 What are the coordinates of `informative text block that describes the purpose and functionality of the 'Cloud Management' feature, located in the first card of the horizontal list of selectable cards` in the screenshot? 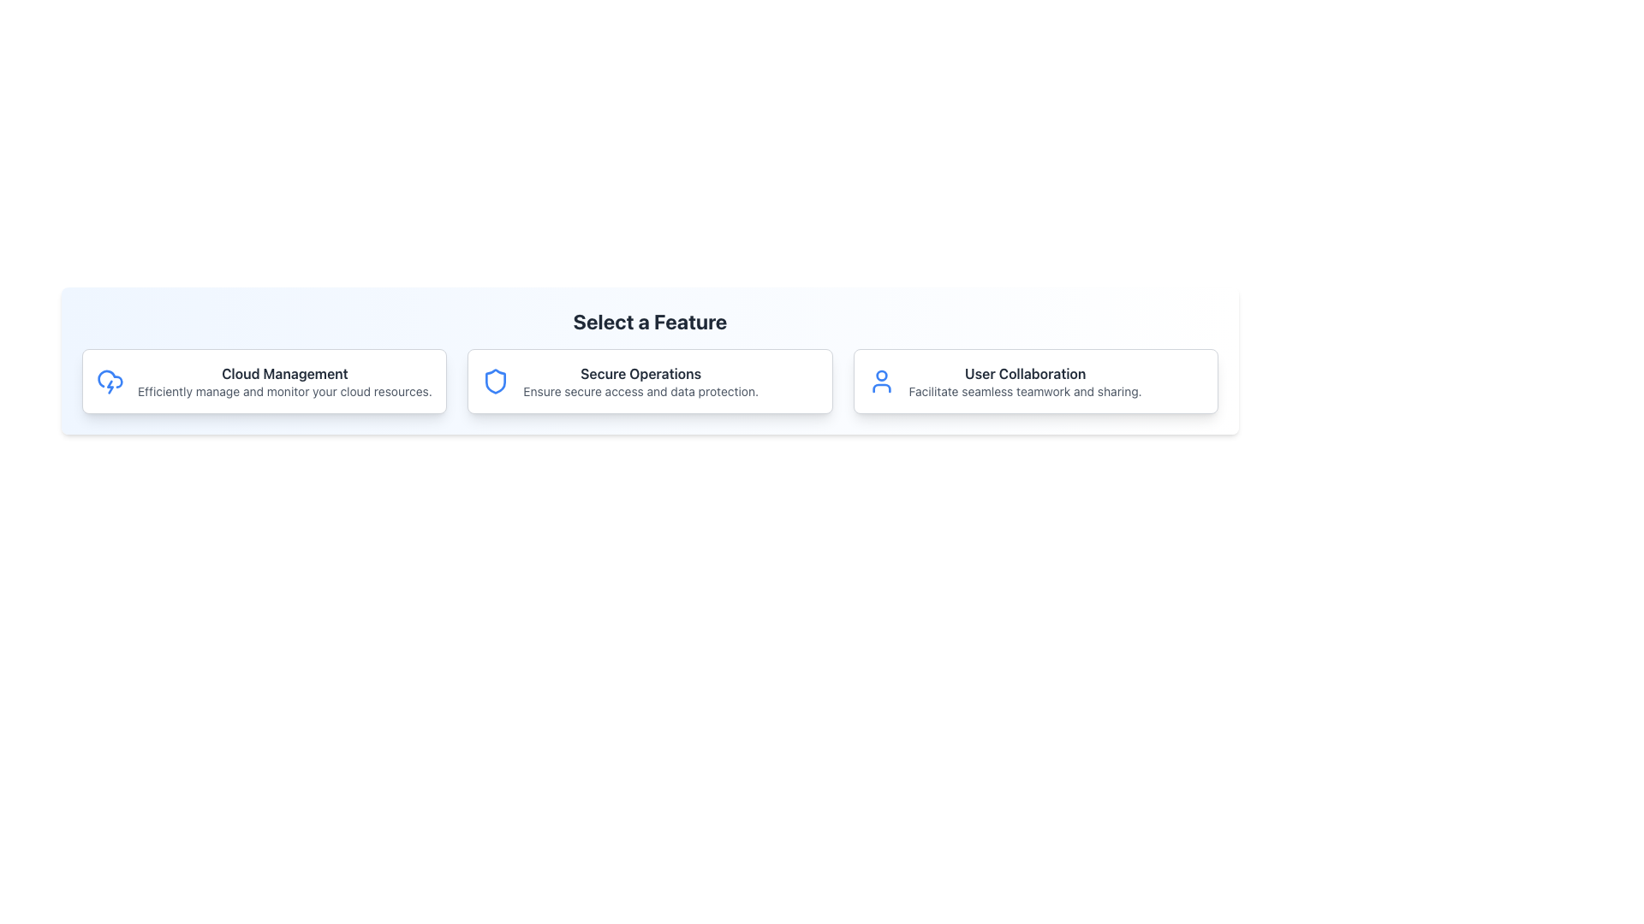 It's located at (284, 380).